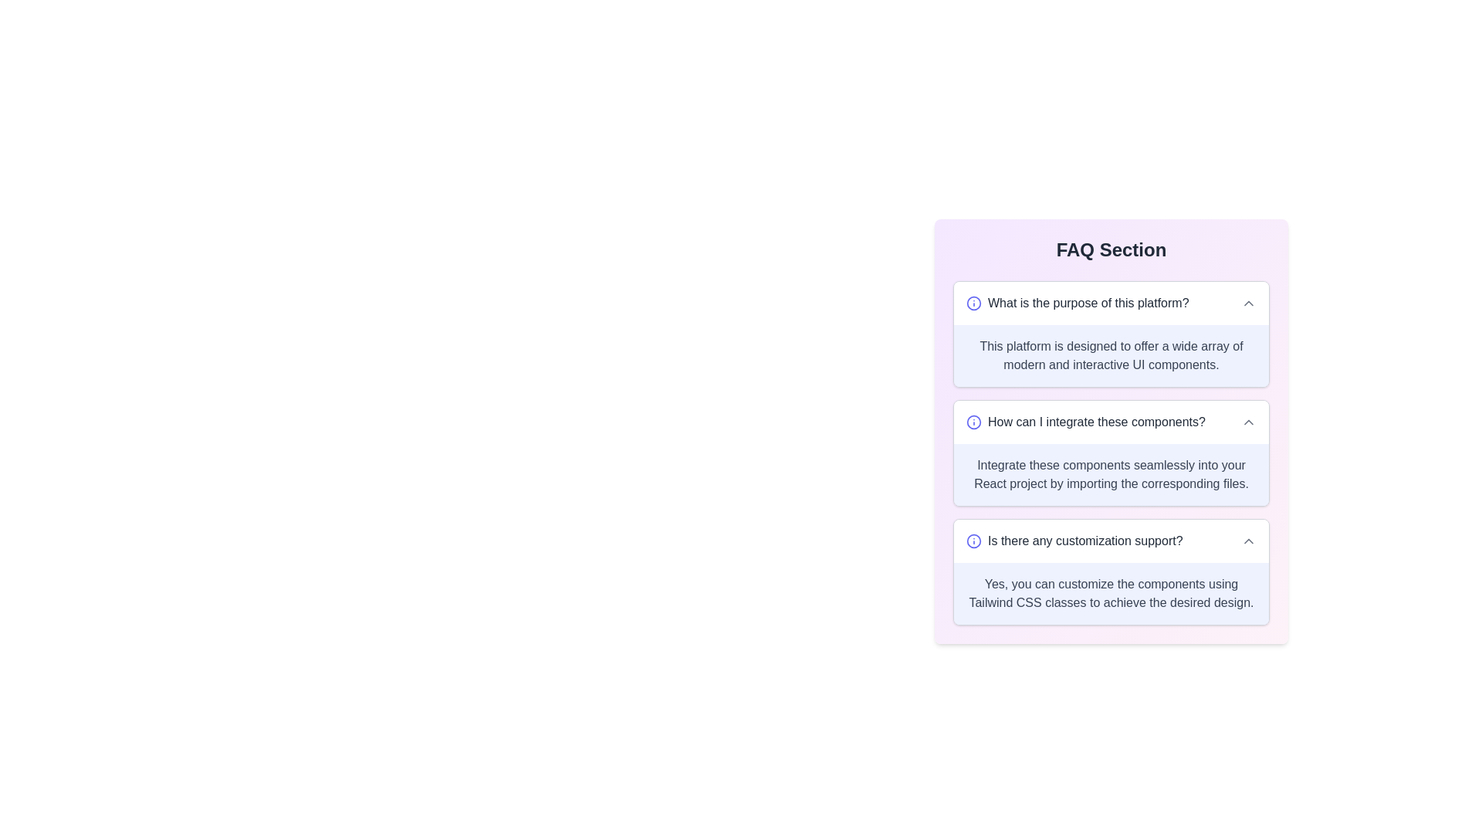  I want to click on informational text block located in the second row of the FAQ section, below the question 'What is the purpose of this platform?', so click(1111, 356).